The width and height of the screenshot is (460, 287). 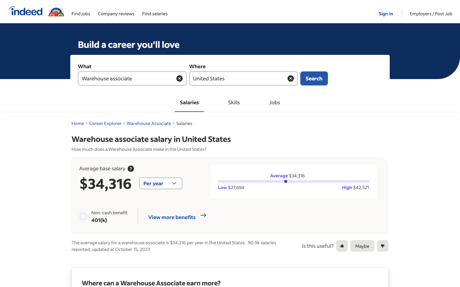 What do you see at coordinates (24, 11) in the screenshot?
I see `a visit to Indeed"s homepage` at bounding box center [24, 11].